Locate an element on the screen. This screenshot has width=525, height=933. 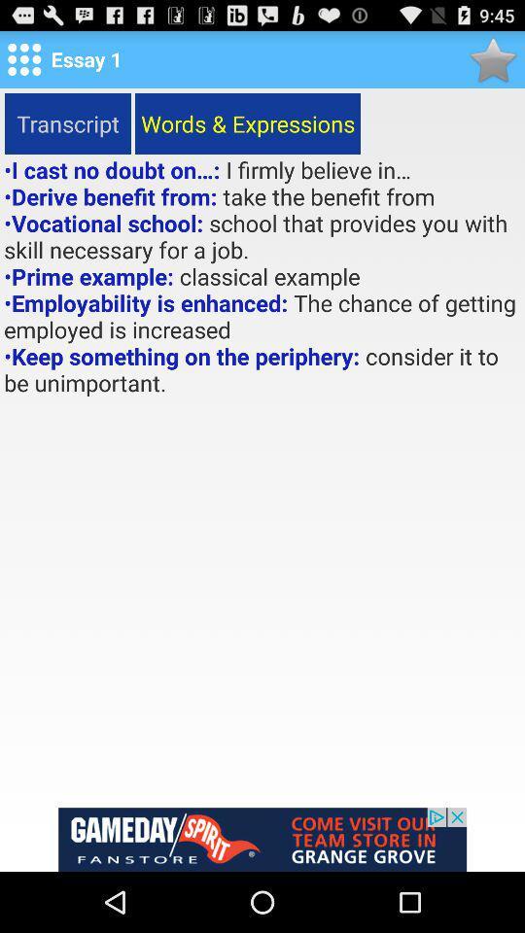
bookmark option is located at coordinates (493, 59).